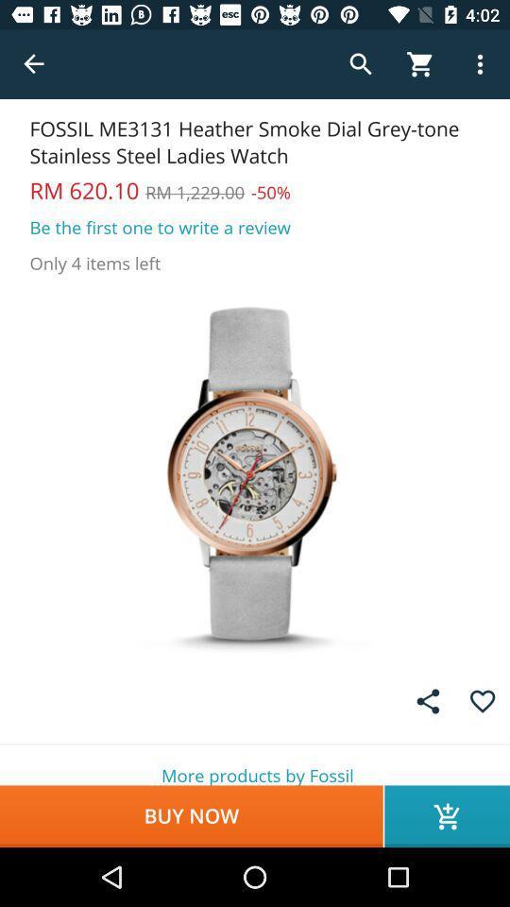  I want to click on the watch, so click(255, 472).